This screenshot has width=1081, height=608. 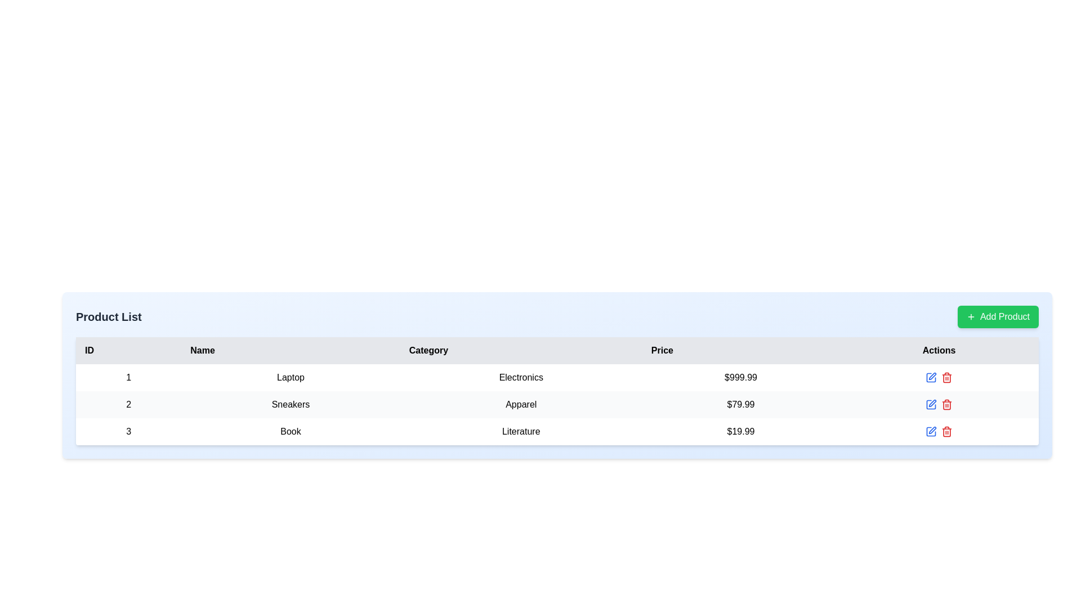 What do you see at coordinates (939, 404) in the screenshot?
I see `the pencil icon in the actions column for the 'Sneakers' product entry to modify the entry` at bounding box center [939, 404].